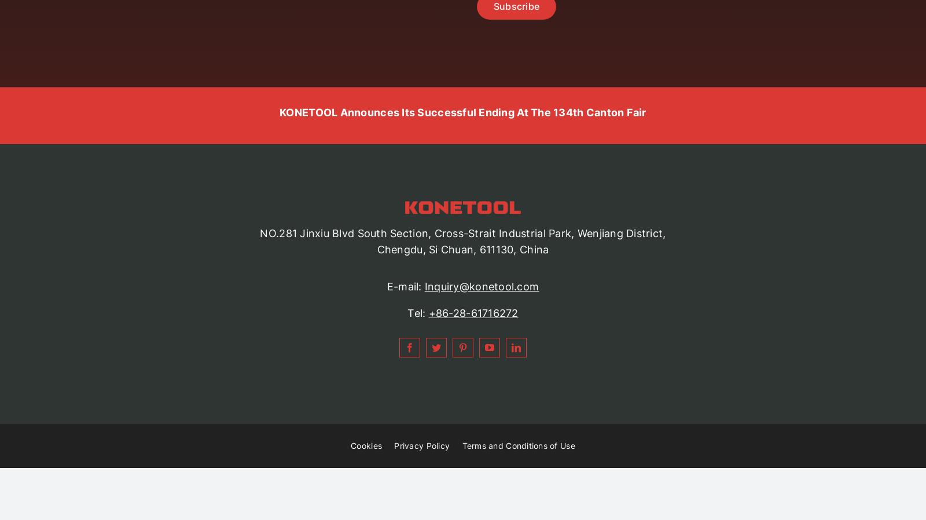 This screenshot has width=926, height=520. What do you see at coordinates (387, 286) in the screenshot?
I see `'E-mail:'` at bounding box center [387, 286].